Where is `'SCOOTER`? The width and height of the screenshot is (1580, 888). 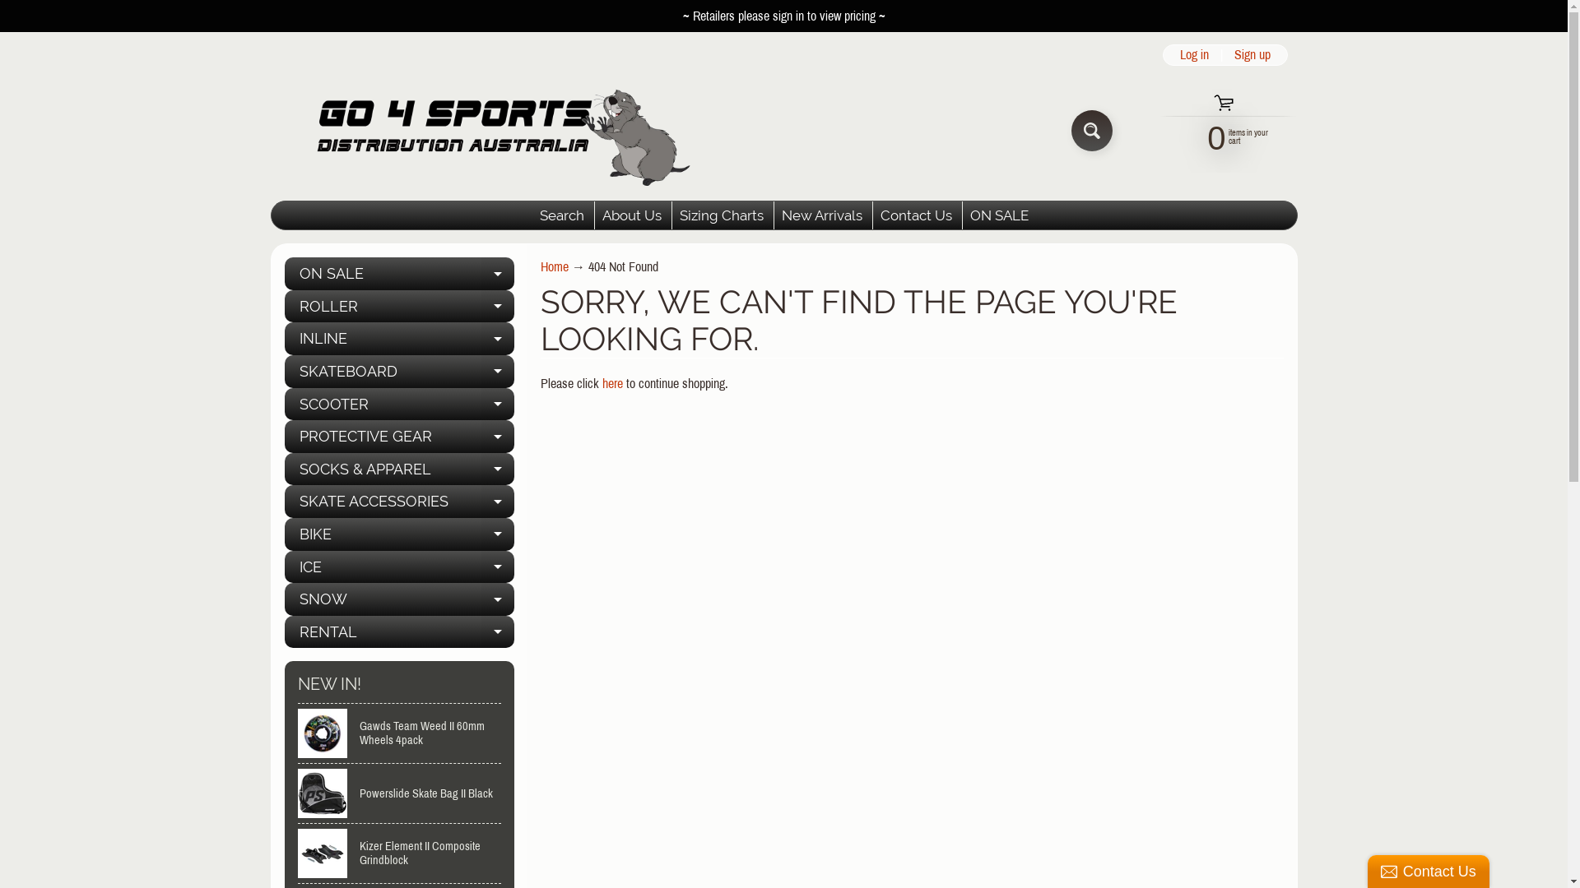
'SCOOTER is located at coordinates (399, 405).